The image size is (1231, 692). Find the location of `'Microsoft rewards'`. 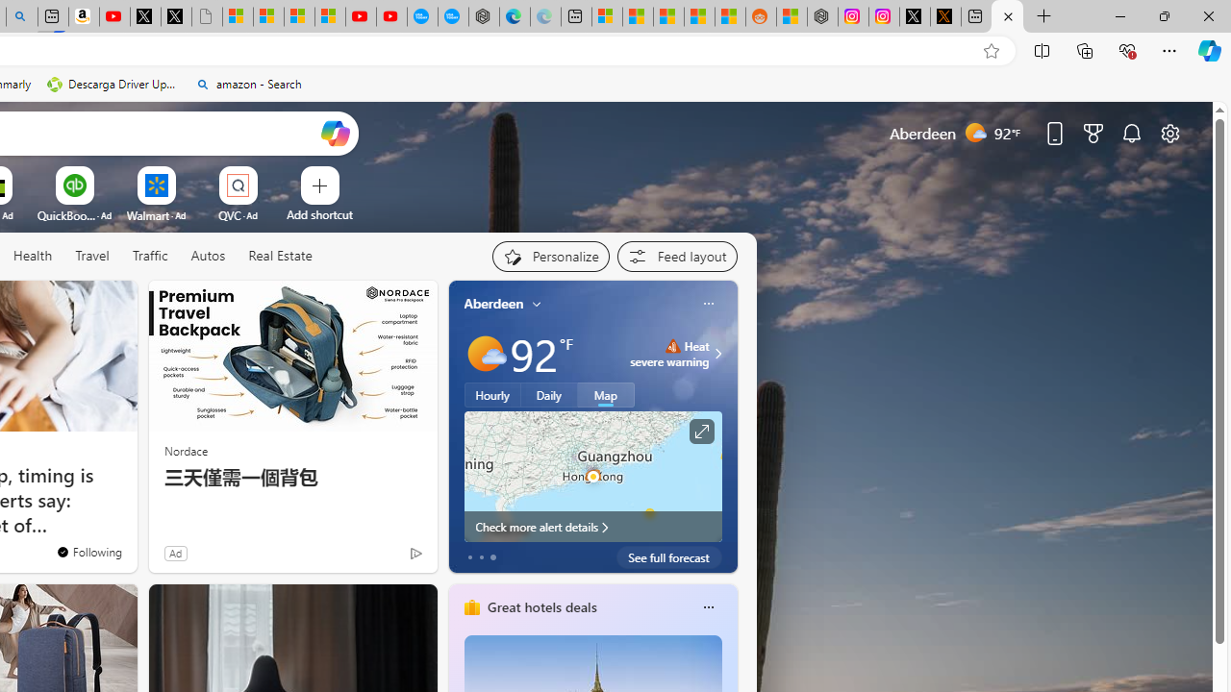

'Microsoft rewards' is located at coordinates (1093, 132).